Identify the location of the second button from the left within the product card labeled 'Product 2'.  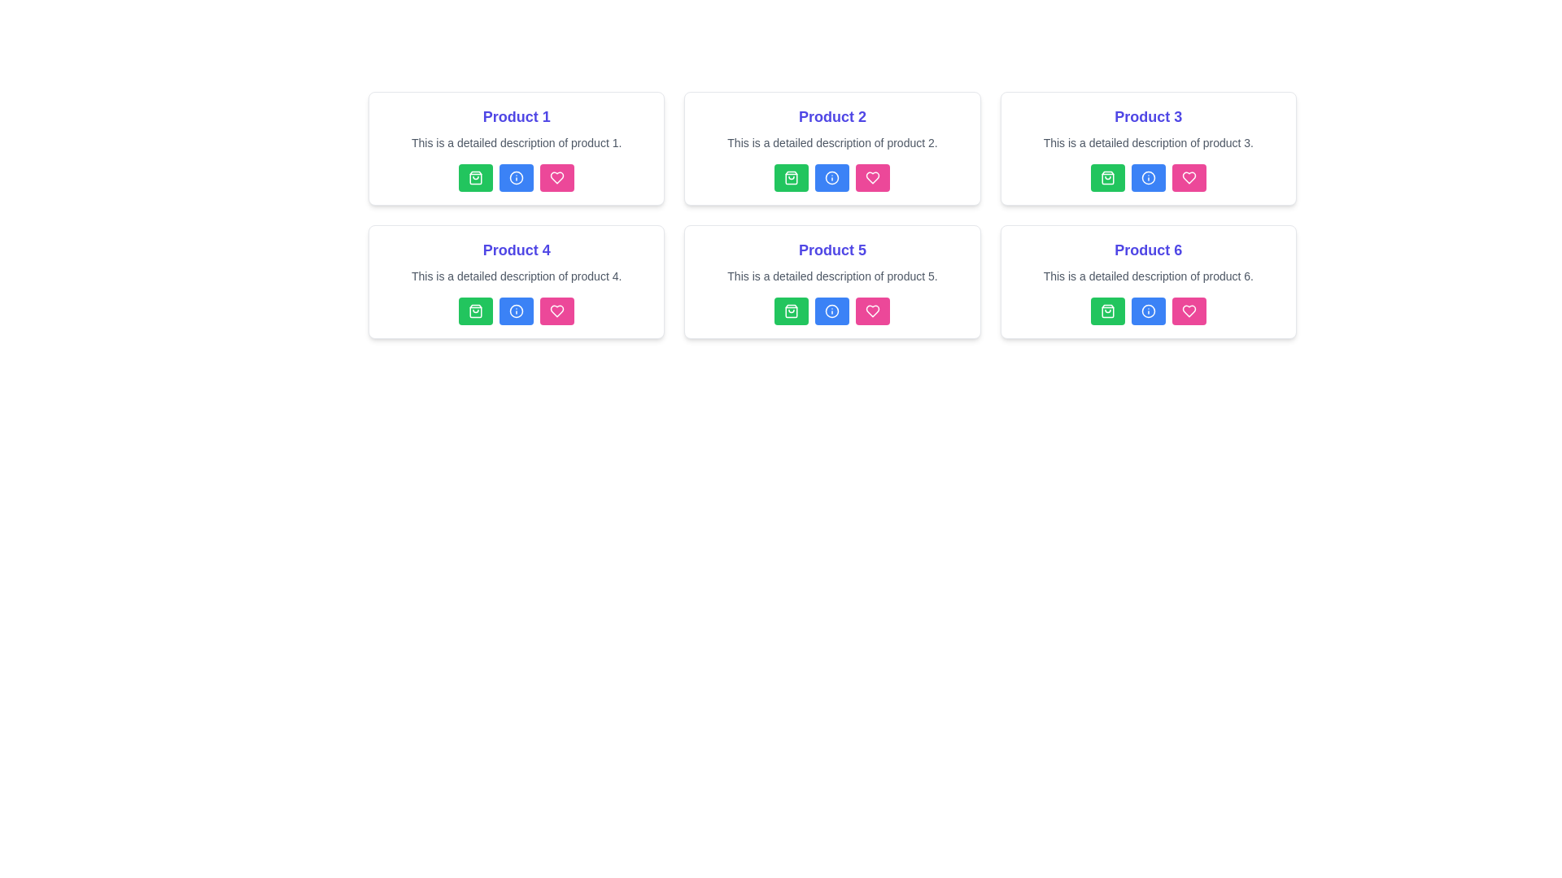
(832, 178).